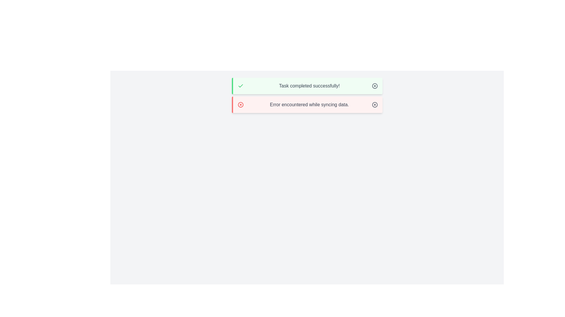  What do you see at coordinates (307, 104) in the screenshot?
I see `error message from the second notification alert that informs the user about an issue during data synchronization, located below the first notification 'Task completed successfully!'` at bounding box center [307, 104].